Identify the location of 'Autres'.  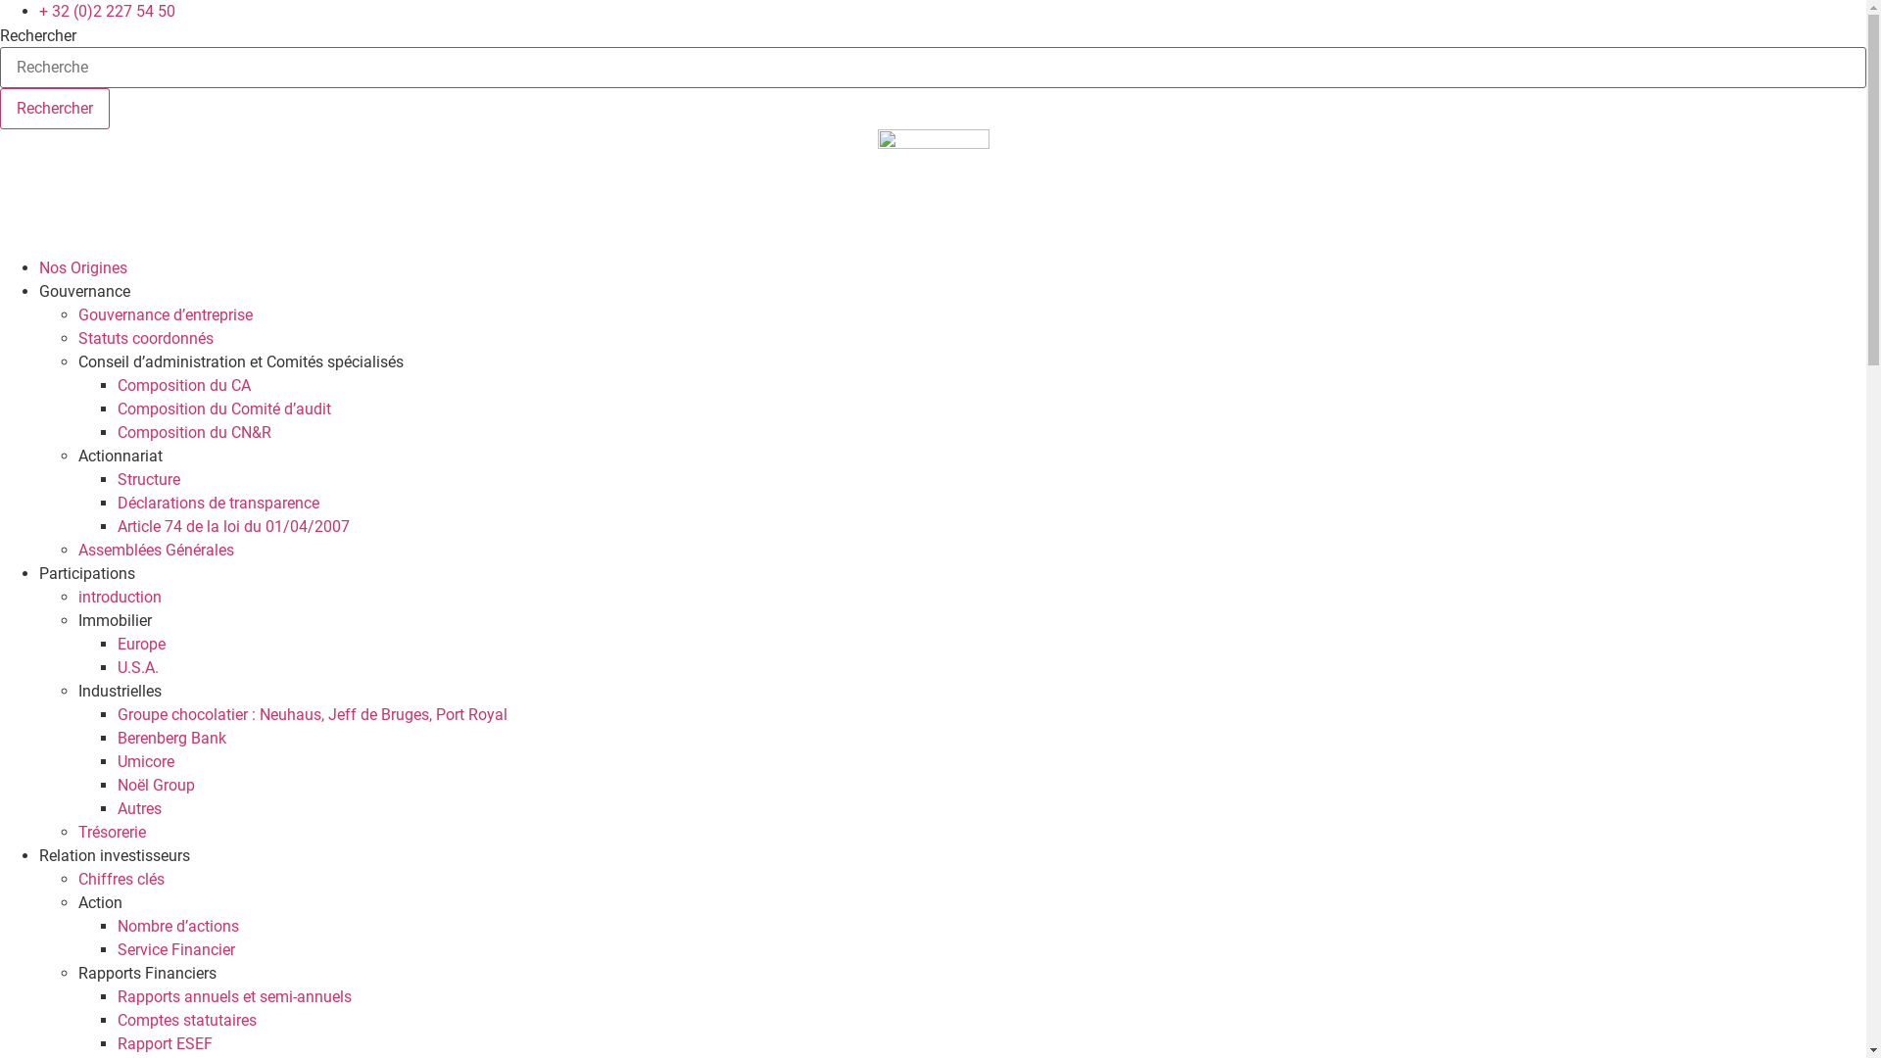
(117, 808).